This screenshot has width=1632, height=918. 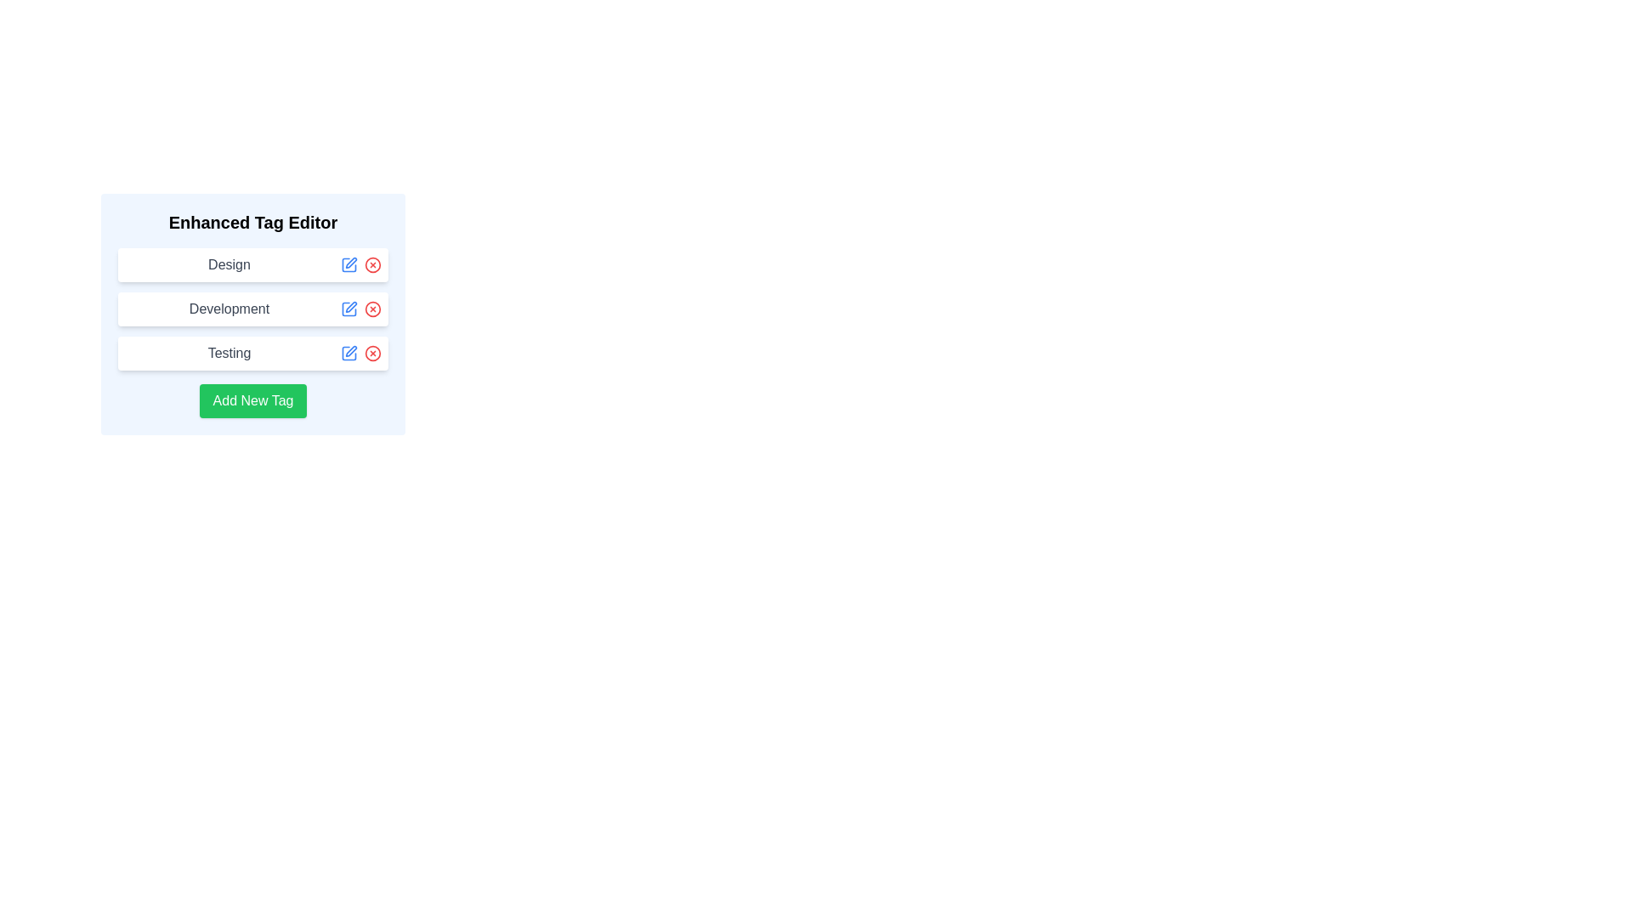 I want to click on the Icon button located on the right side of the 'Testing' tag in the third row of items within the 'Enhanced Tag Editor' section to initiate edit mode for the 'Testing' tag, so click(x=348, y=353).